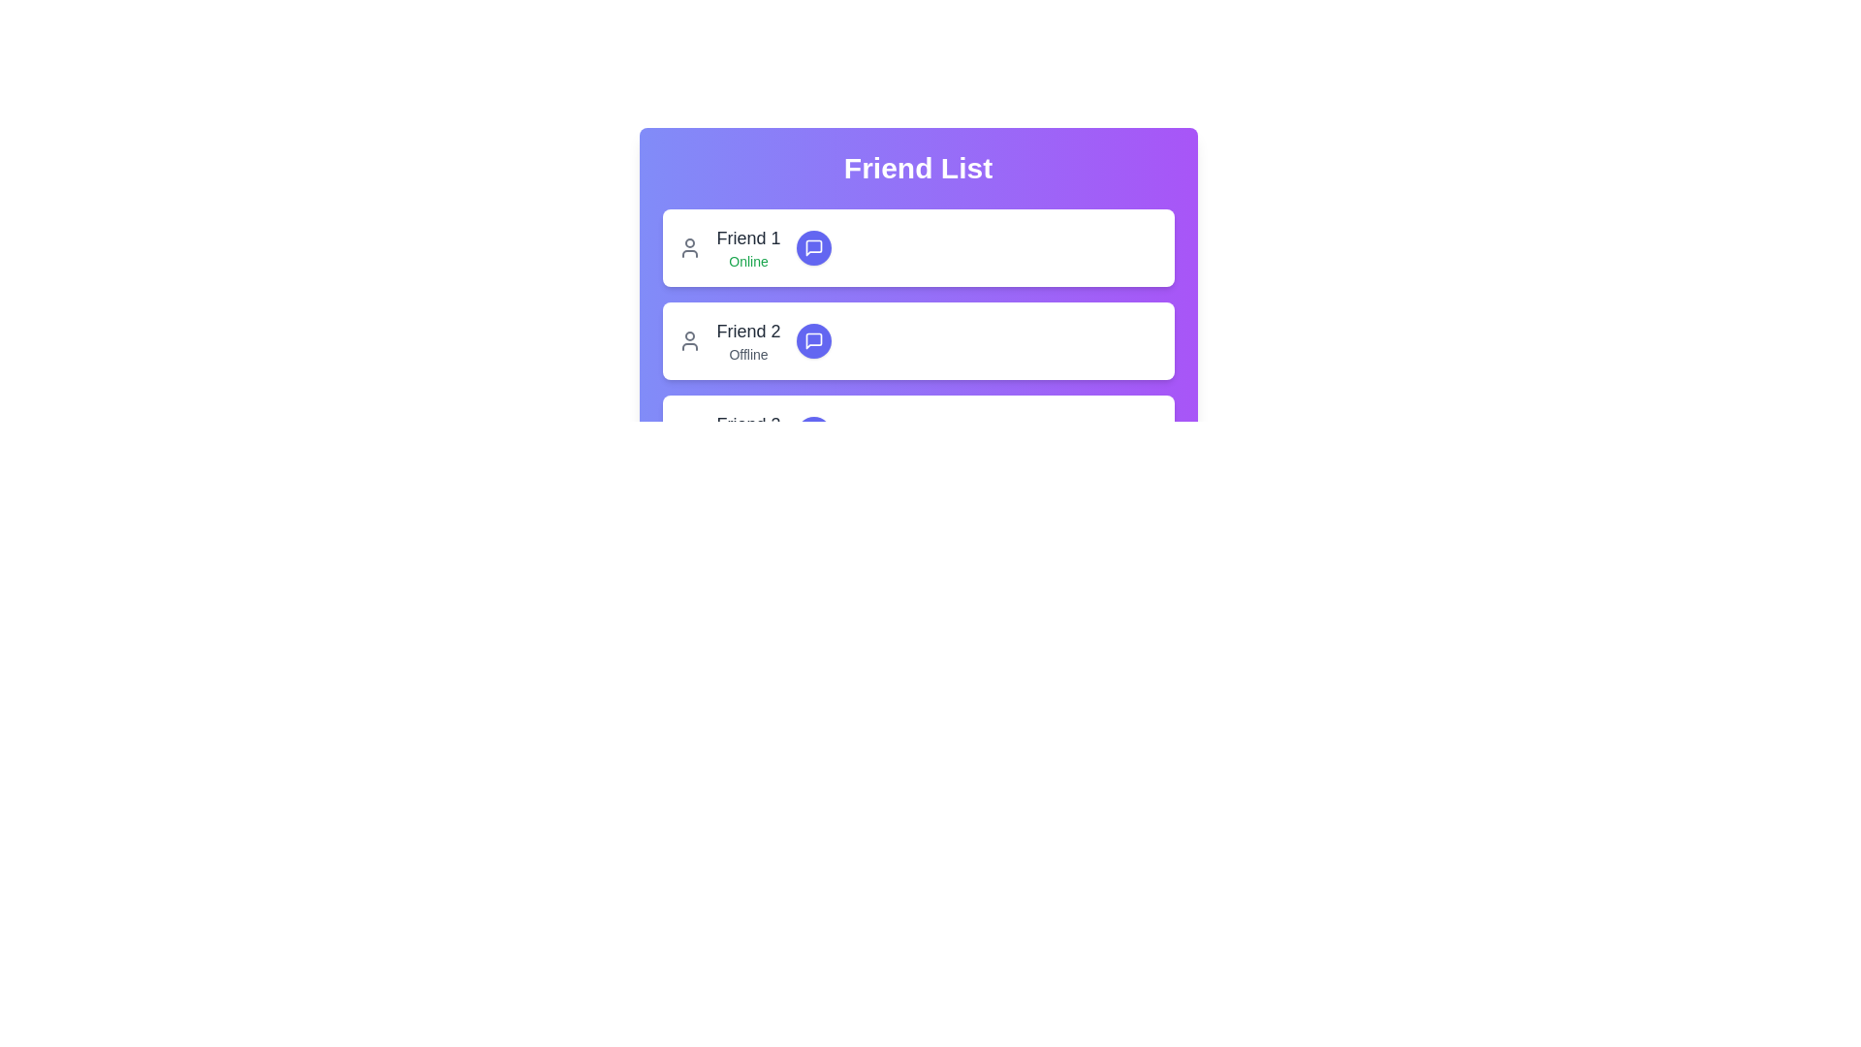  Describe the element at coordinates (747, 262) in the screenshot. I see `the Status label displaying 'Online' in green font located beneath 'Friend 1' in the friend list` at that location.